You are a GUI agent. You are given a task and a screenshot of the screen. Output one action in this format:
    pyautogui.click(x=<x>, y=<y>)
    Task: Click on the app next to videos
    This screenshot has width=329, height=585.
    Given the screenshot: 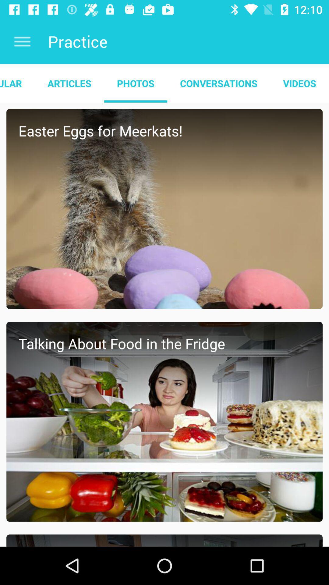 What is the action you would take?
    pyautogui.click(x=218, y=83)
    